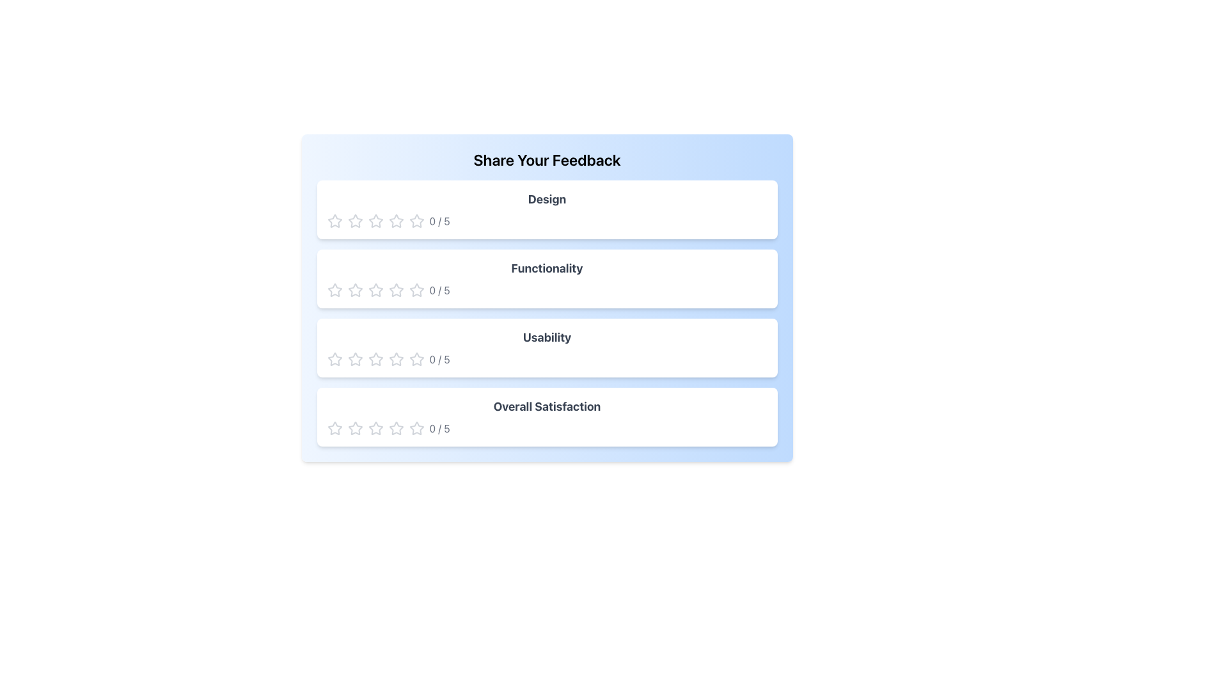  Describe the element at coordinates (416, 290) in the screenshot. I see `the fourth interactive star icon` at that location.